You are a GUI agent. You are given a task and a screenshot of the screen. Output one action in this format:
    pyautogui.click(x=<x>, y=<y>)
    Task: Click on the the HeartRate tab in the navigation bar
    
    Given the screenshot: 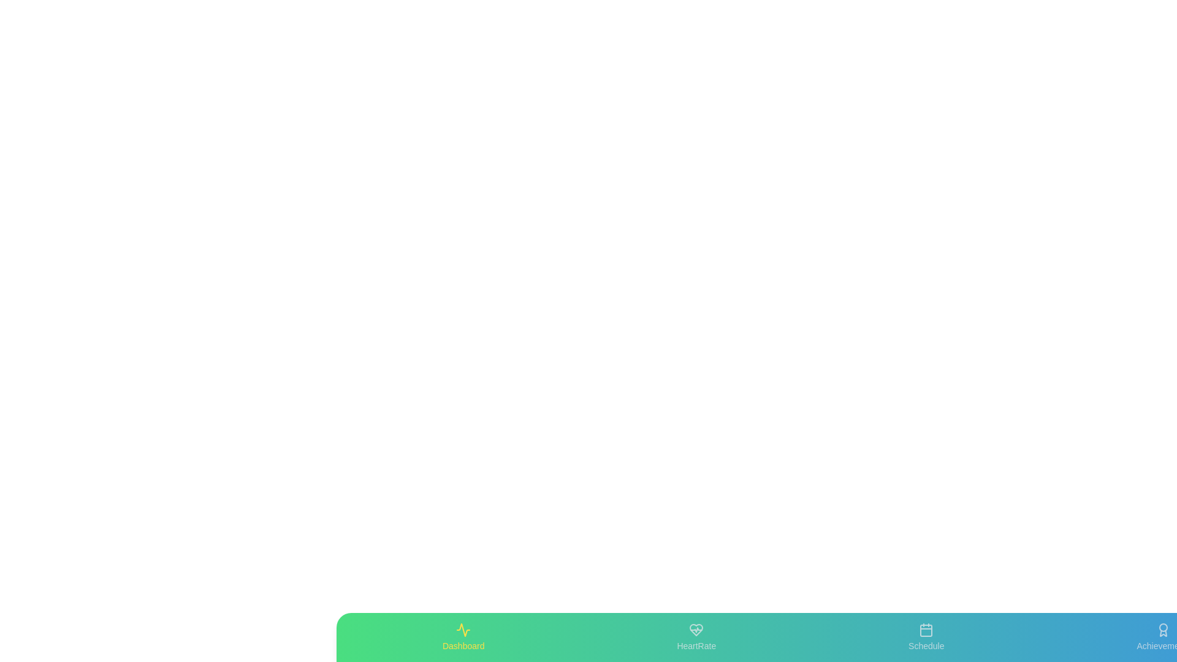 What is the action you would take?
    pyautogui.click(x=696, y=637)
    